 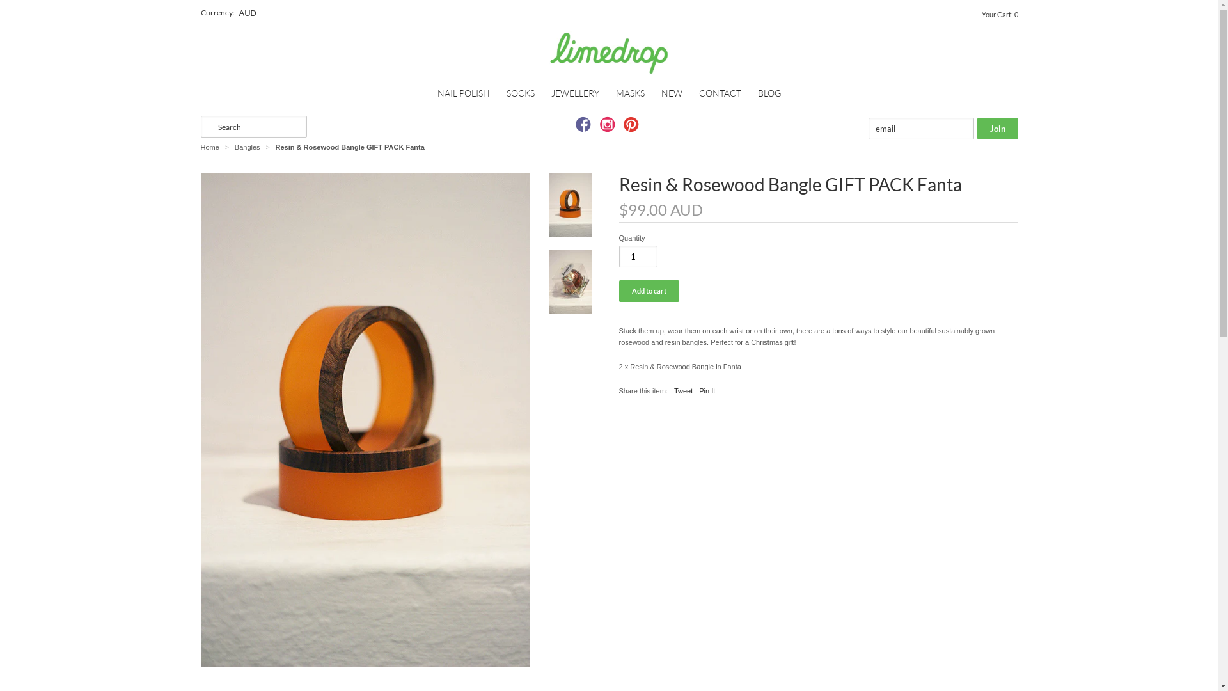 What do you see at coordinates (575, 128) in the screenshot?
I see `'Follow us on Facebook'` at bounding box center [575, 128].